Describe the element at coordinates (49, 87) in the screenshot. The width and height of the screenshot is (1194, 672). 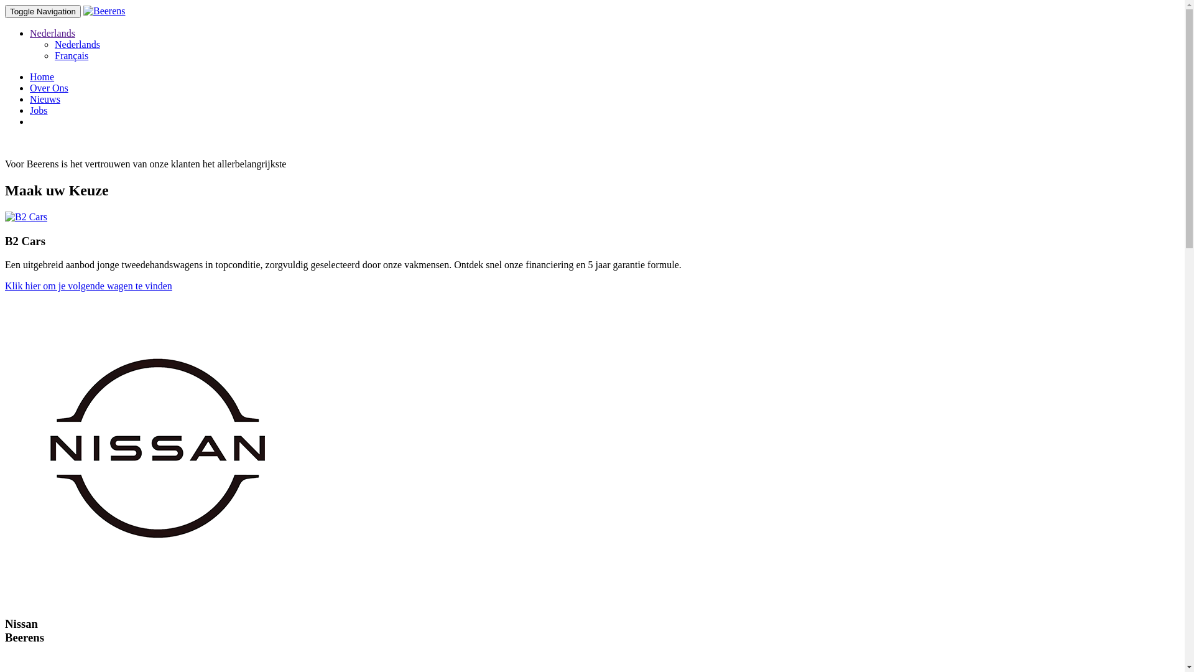
I see `'Over Ons'` at that location.